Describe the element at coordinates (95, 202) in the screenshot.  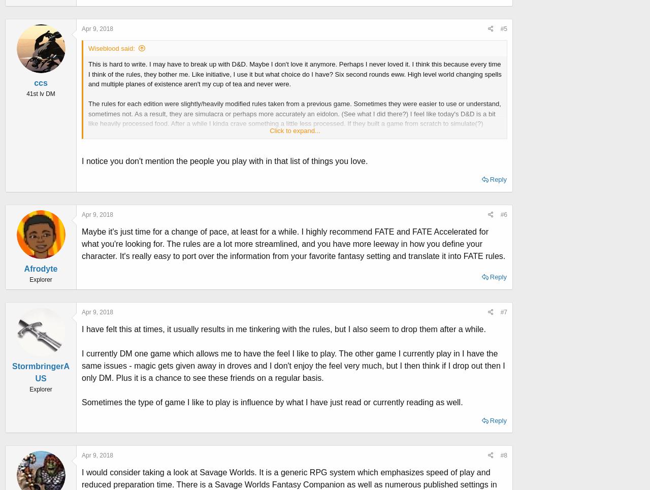
I see `'Dice'` at that location.